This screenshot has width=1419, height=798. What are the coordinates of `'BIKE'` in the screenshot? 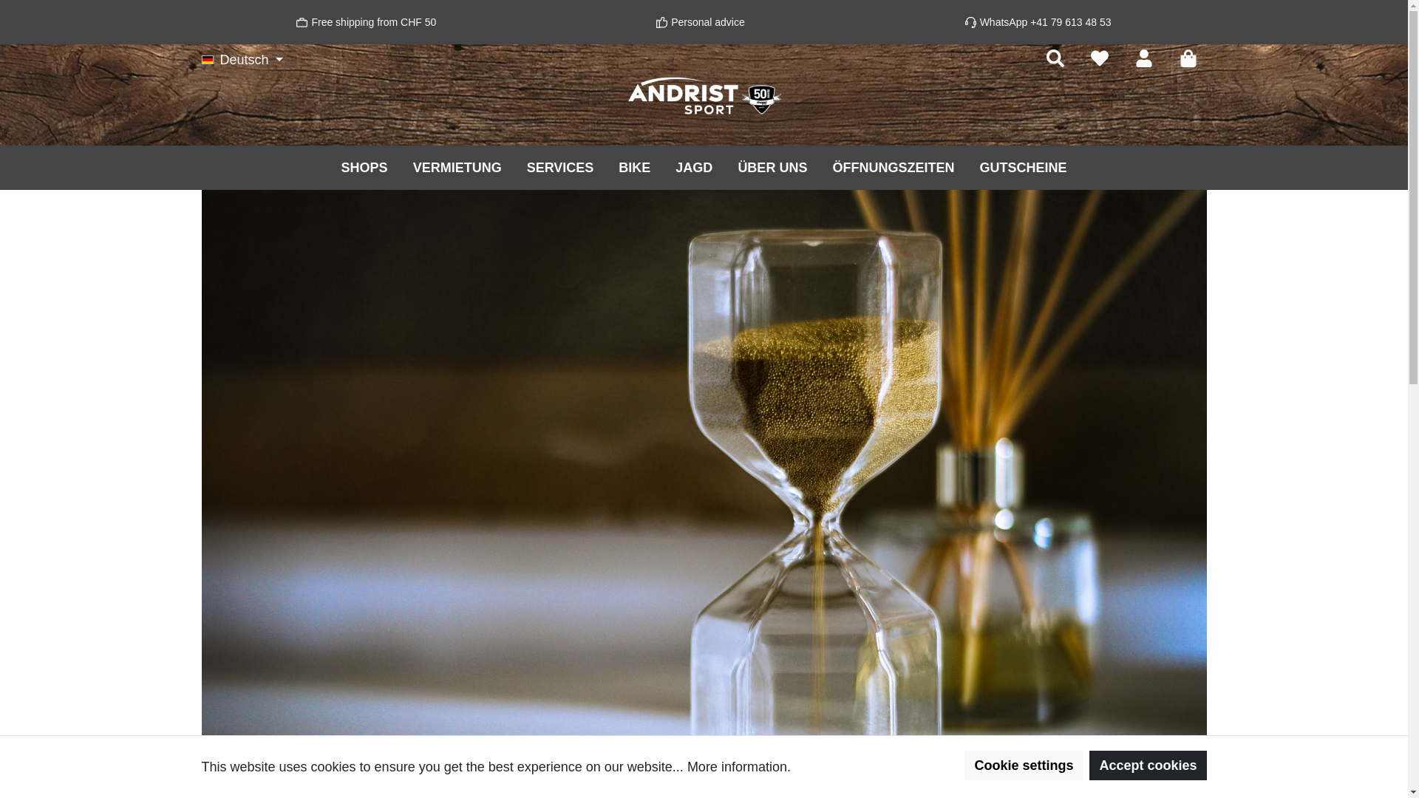 It's located at (606, 166).